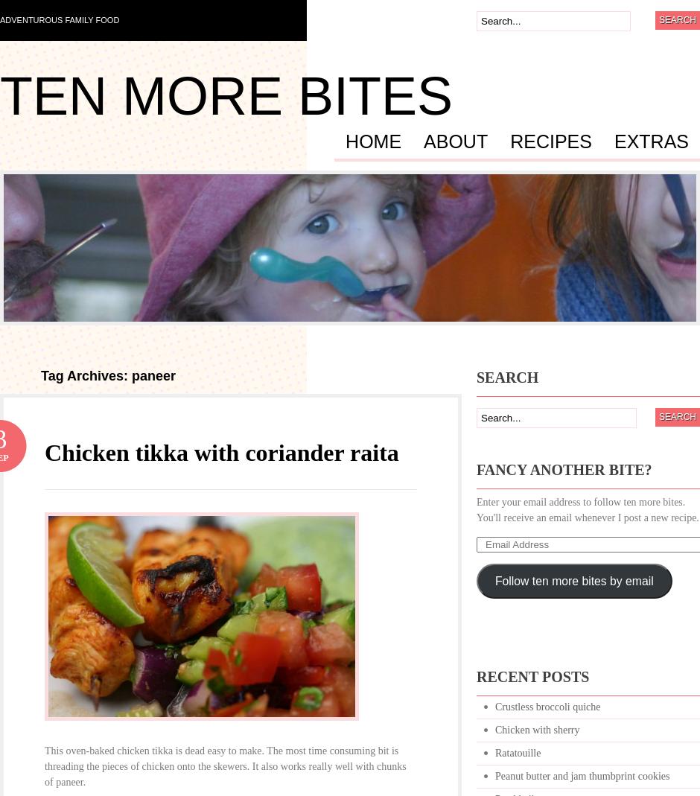  Describe the element at coordinates (107, 375) in the screenshot. I see `'Tag Archives: paneer'` at that location.